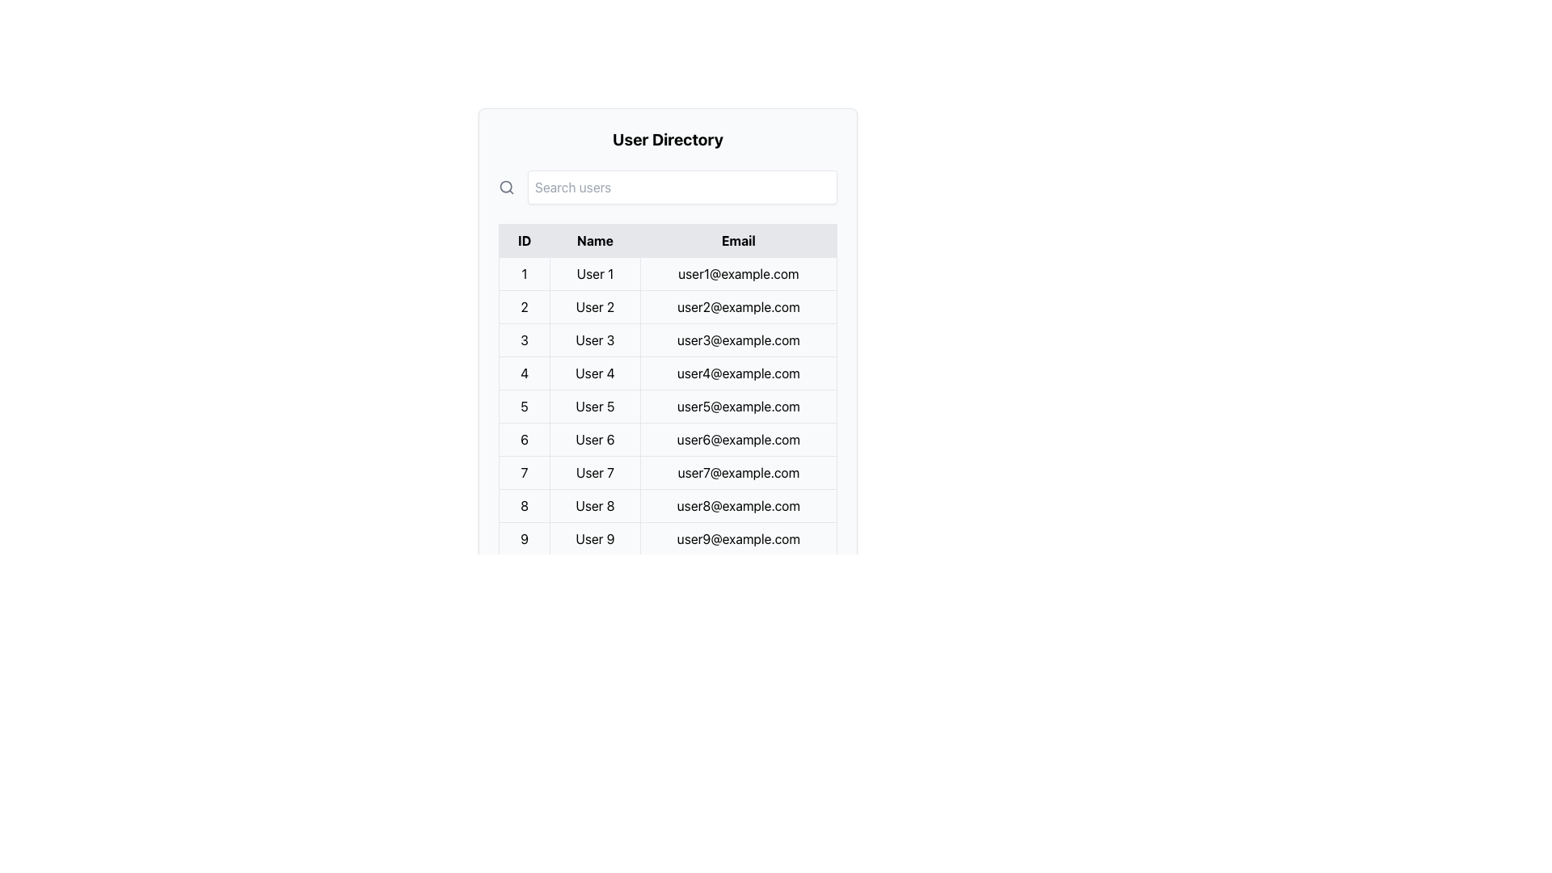  I want to click on the Text label in the fifth row of the table under the 'Name' column, which represents the name of an entity, located between ID '5' and the email 'user5@example.com', so click(594, 405).